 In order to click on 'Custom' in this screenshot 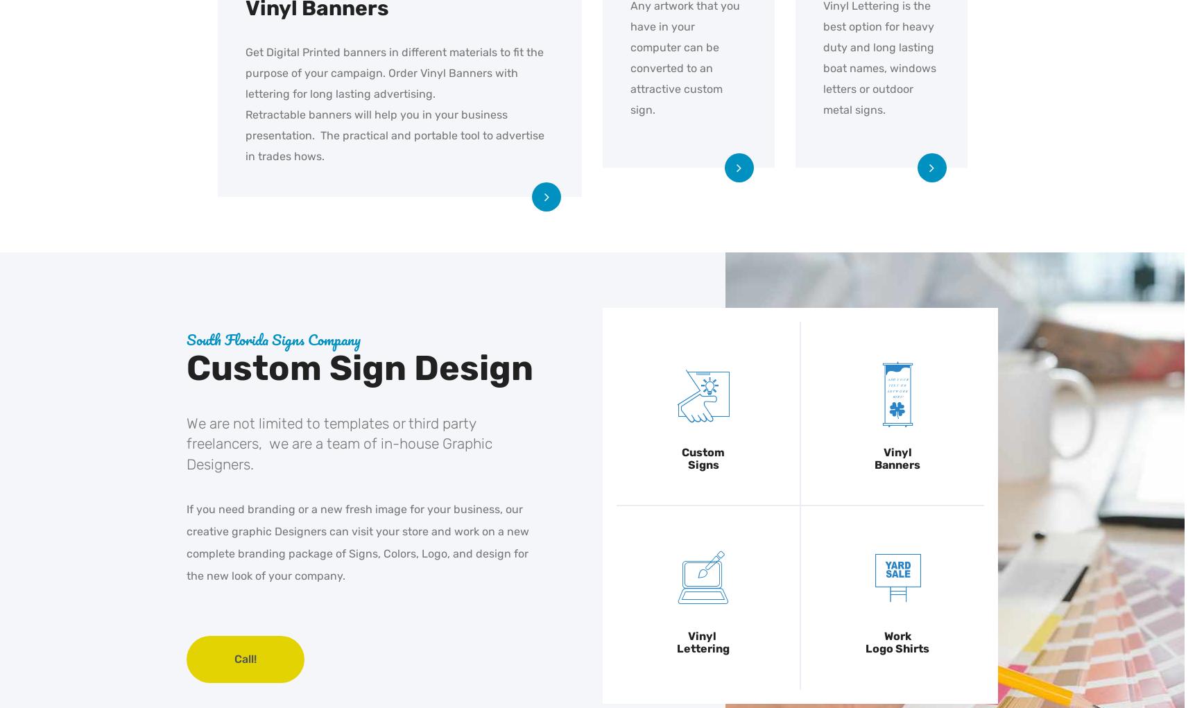, I will do `click(702, 451)`.